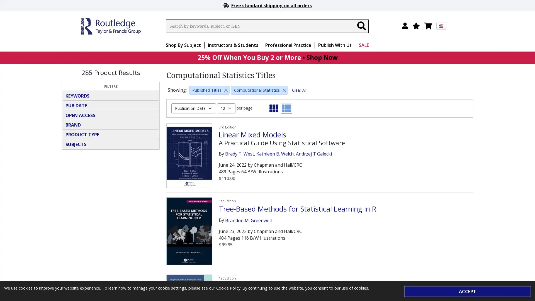 The height and width of the screenshot is (301, 535). I want to click on PUB DATE, so click(111, 105).